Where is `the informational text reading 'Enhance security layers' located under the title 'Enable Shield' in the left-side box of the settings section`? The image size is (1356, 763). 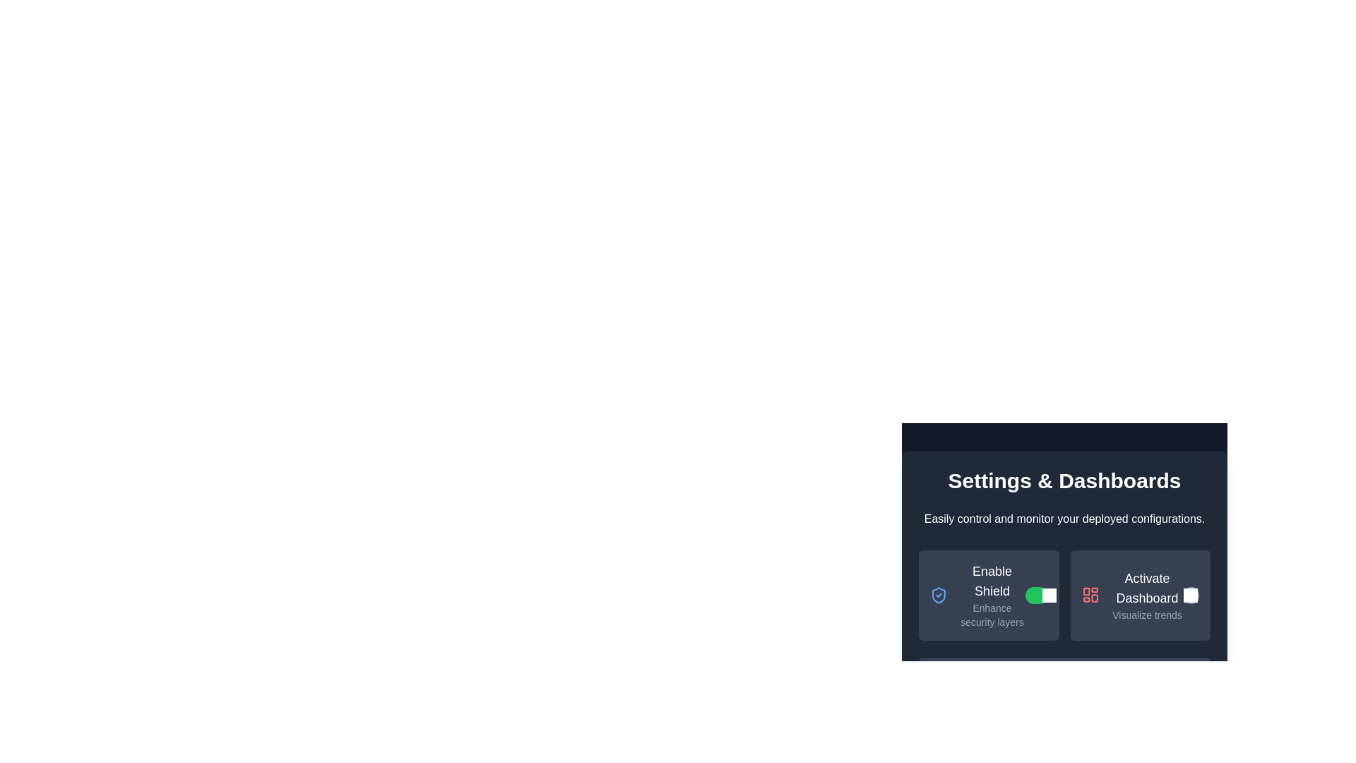
the informational text reading 'Enhance security layers' located under the title 'Enable Shield' in the left-side box of the settings section is located at coordinates (992, 615).